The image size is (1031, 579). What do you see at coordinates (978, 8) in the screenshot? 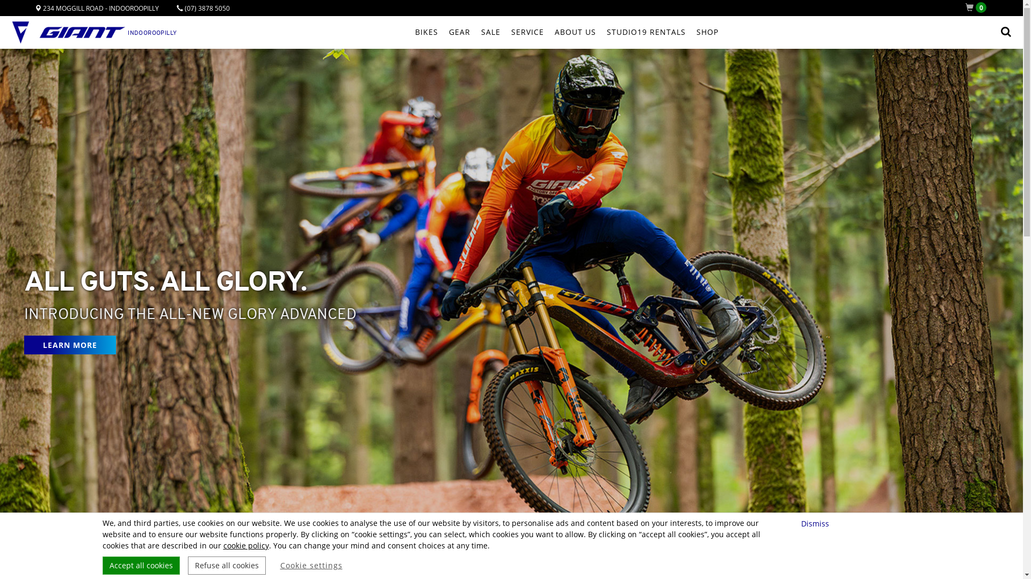
I see `'0 item(s) in cart` at bounding box center [978, 8].